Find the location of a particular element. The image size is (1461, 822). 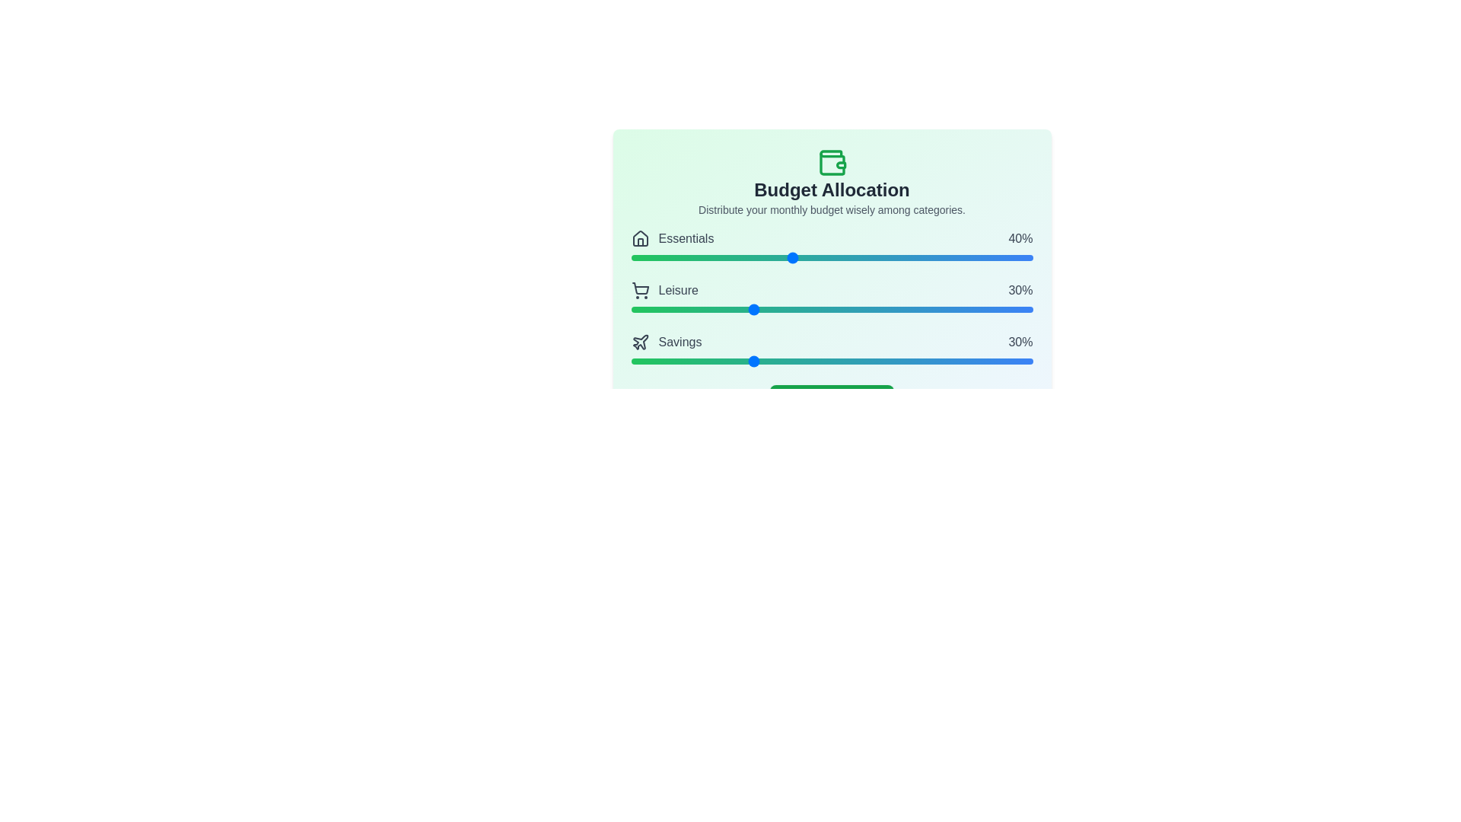

the 'Essentials' slider to 28% allocation is located at coordinates (743, 257).